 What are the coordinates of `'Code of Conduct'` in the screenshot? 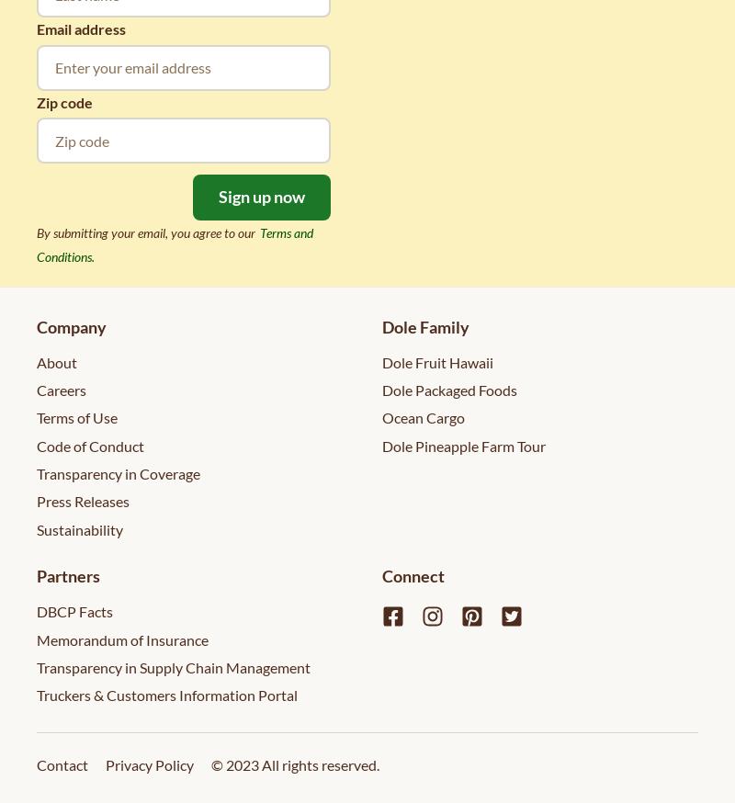 It's located at (90, 444).